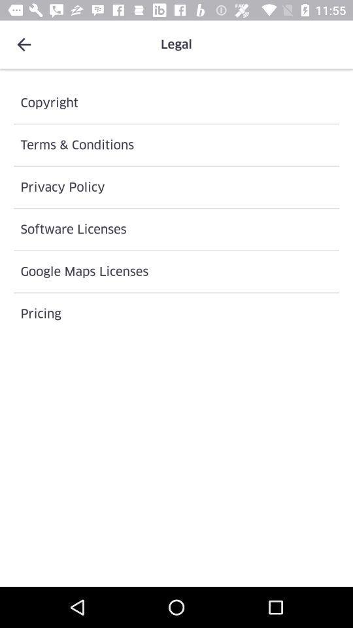 The width and height of the screenshot is (353, 628). Describe the element at coordinates (176, 271) in the screenshot. I see `icon below the software licenses icon` at that location.